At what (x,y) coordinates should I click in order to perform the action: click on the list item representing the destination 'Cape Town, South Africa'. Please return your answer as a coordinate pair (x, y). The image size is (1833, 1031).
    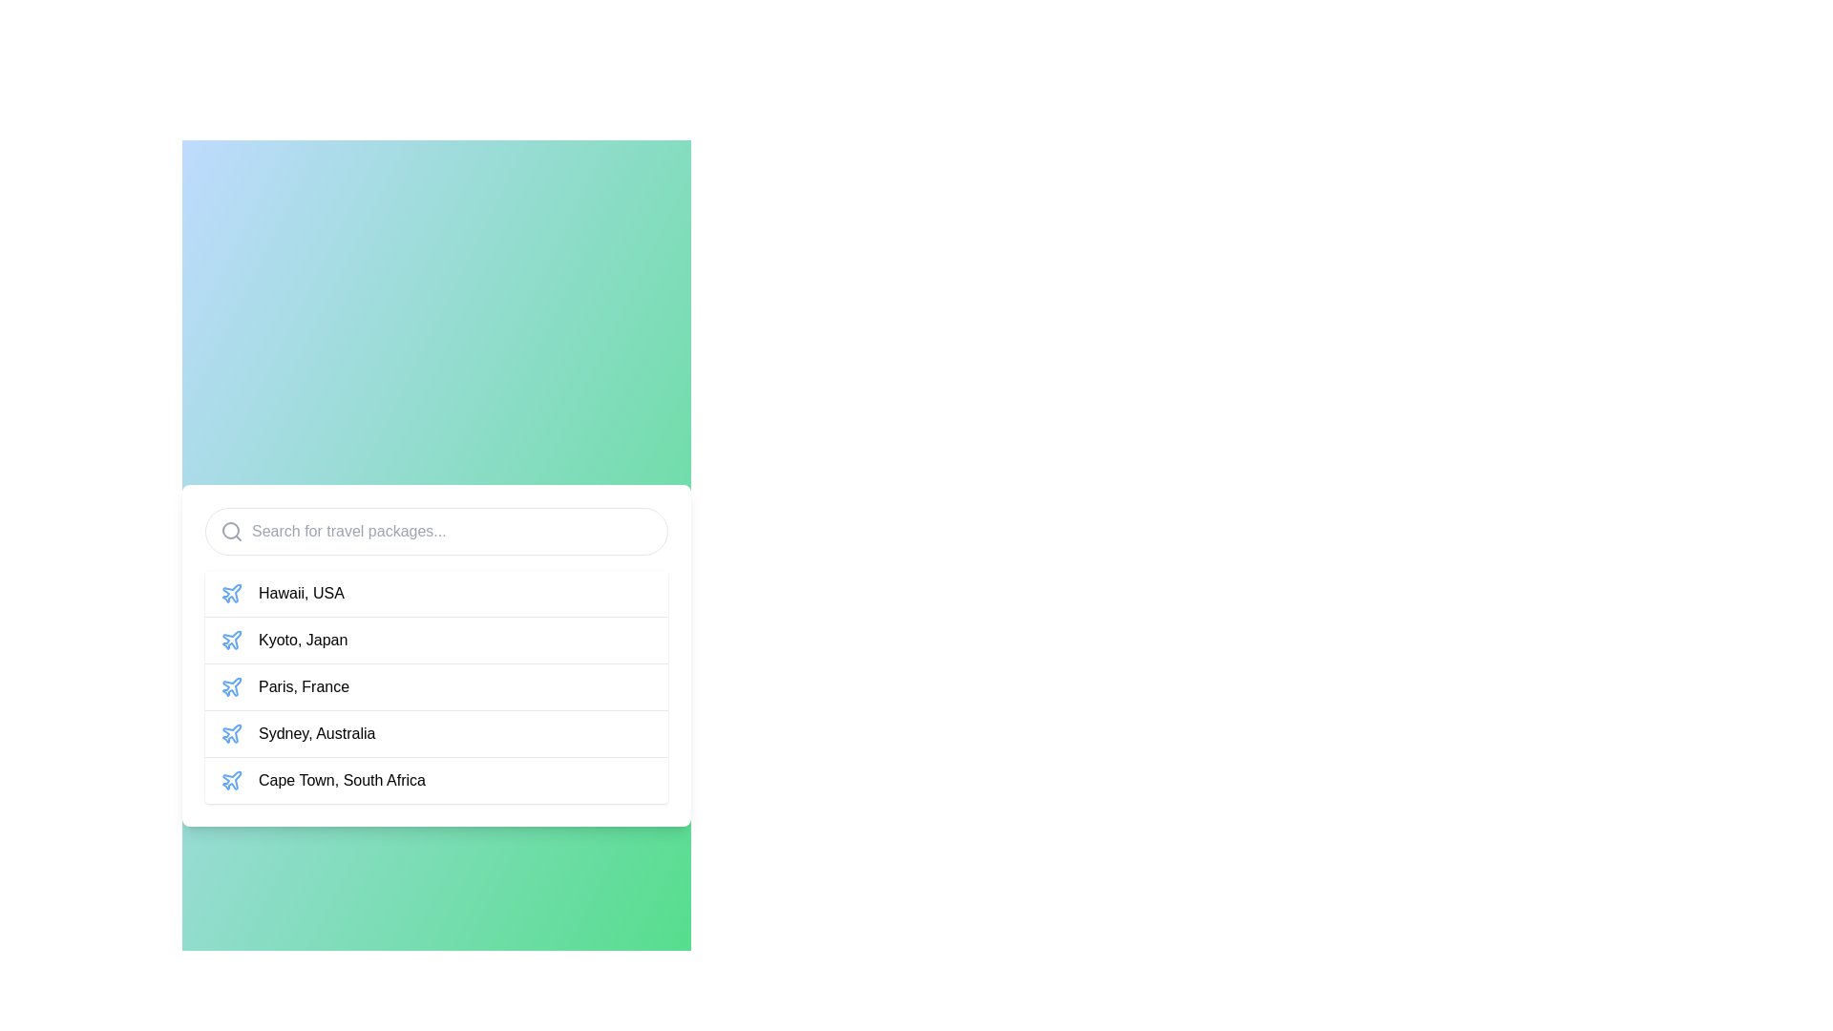
    Looking at the image, I should click on (435, 780).